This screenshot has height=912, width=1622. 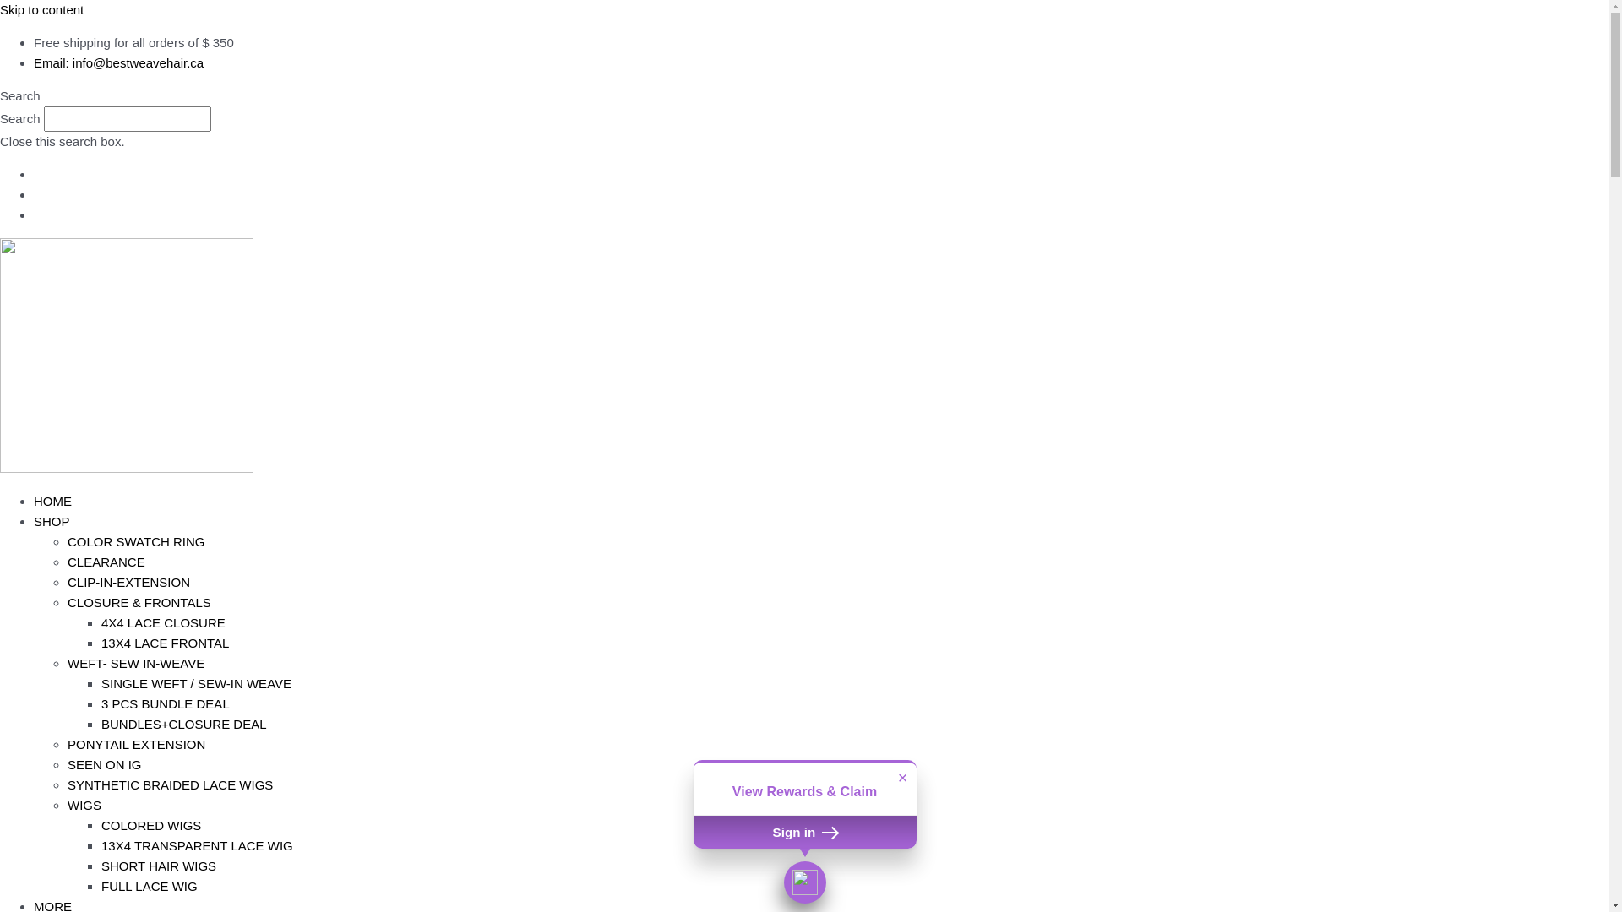 What do you see at coordinates (68, 764) in the screenshot?
I see `'SEEN ON IG'` at bounding box center [68, 764].